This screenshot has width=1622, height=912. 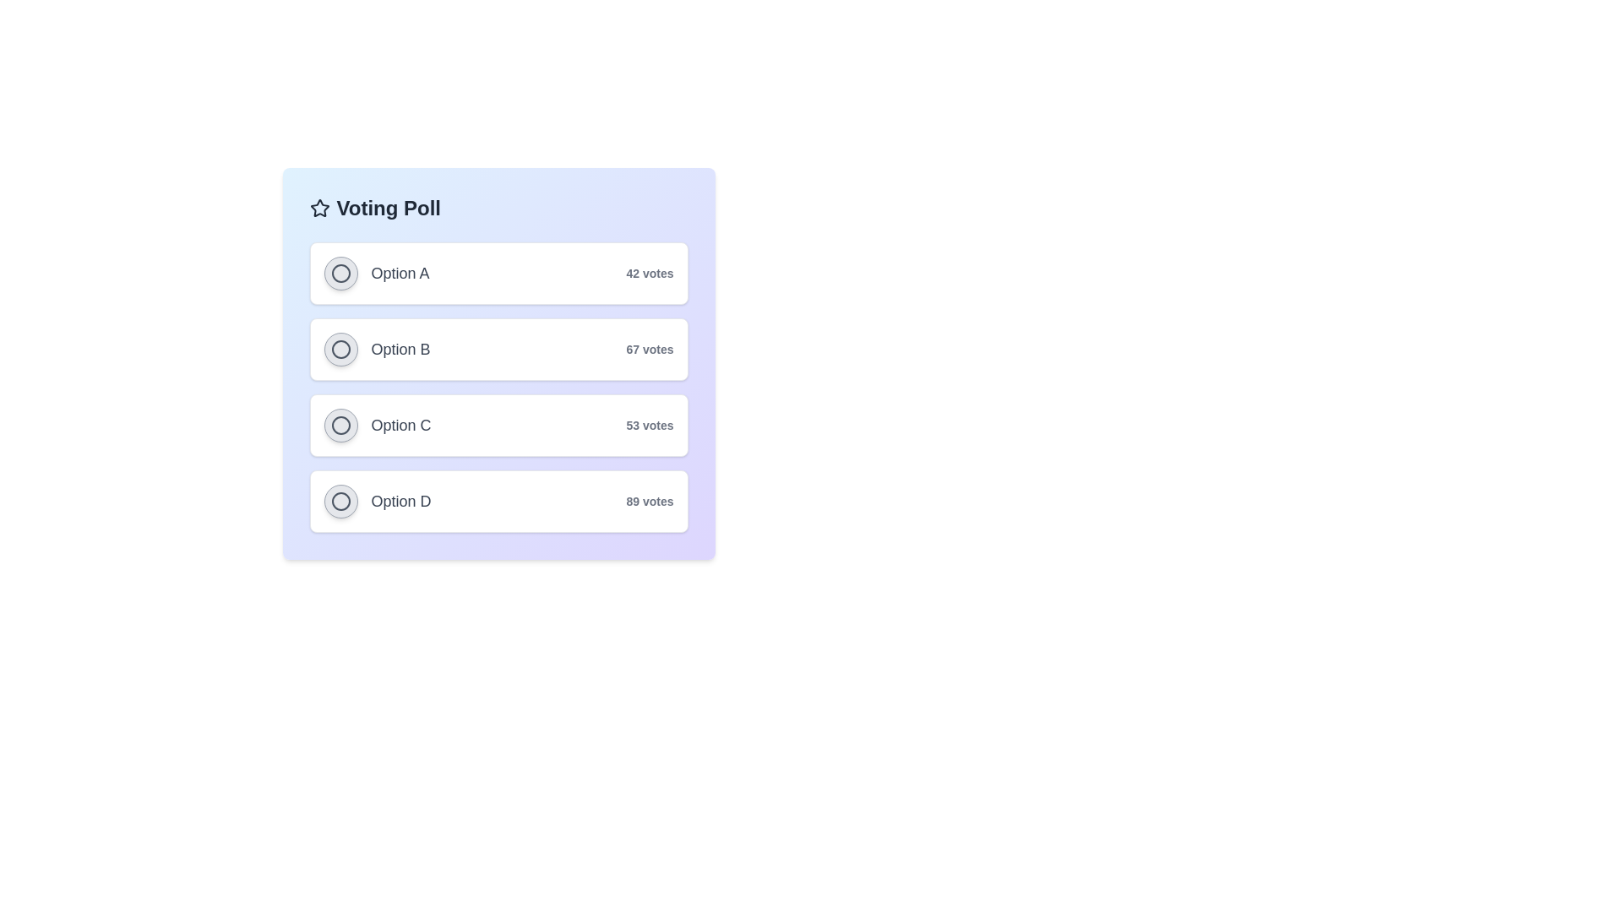 I want to click on the circular radio button styled with a gray outline next to the text 'Option B', so click(x=340, y=348).